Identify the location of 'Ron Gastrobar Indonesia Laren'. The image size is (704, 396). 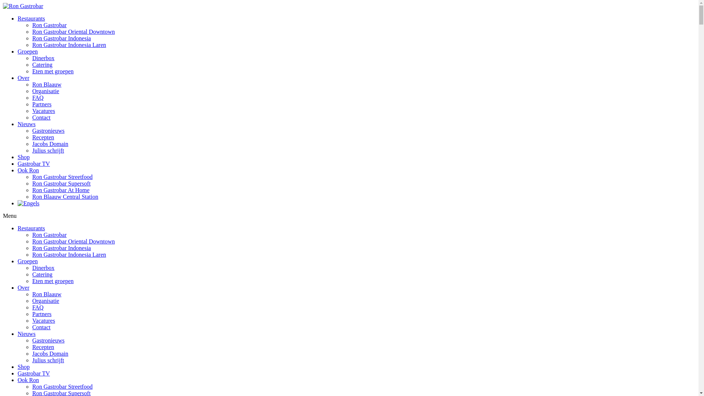
(69, 45).